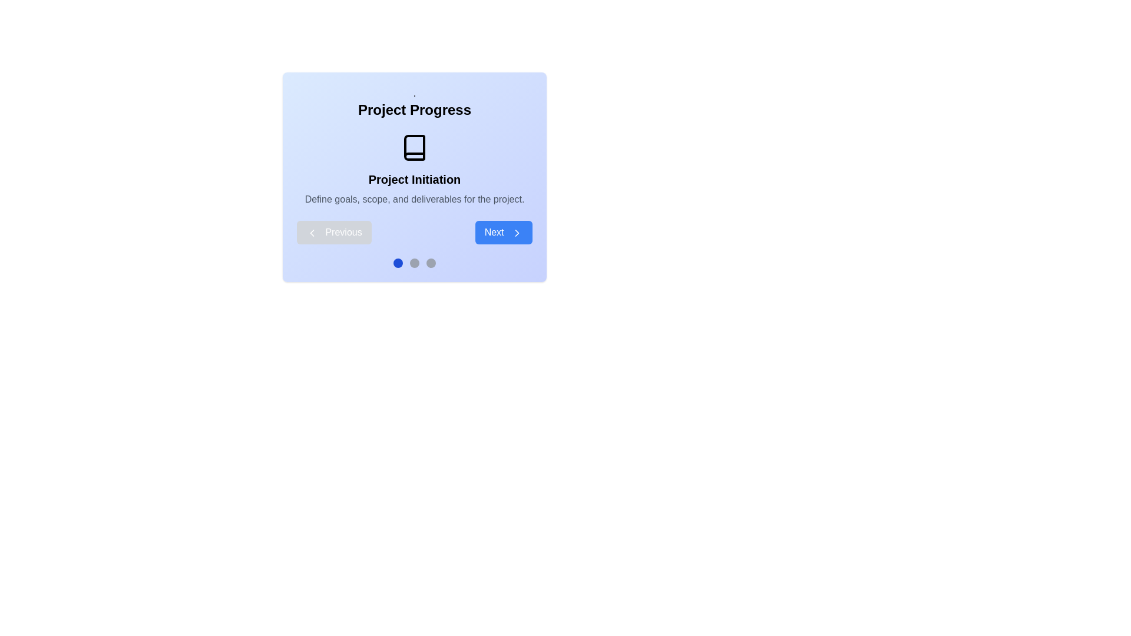  Describe the element at coordinates (415, 147) in the screenshot. I see `the book icon that symbolizes documentation for the 'Project Initiation' process, located above the text 'Project Initiation' and below 'Project Progress'` at that location.